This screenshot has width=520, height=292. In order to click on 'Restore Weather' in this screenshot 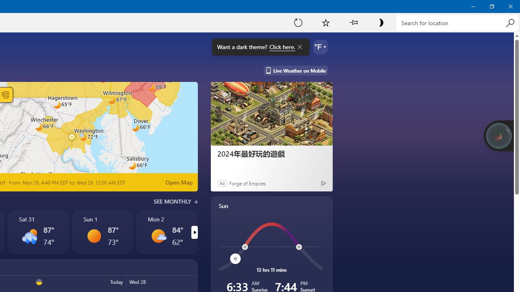, I will do `click(491, 6)`.